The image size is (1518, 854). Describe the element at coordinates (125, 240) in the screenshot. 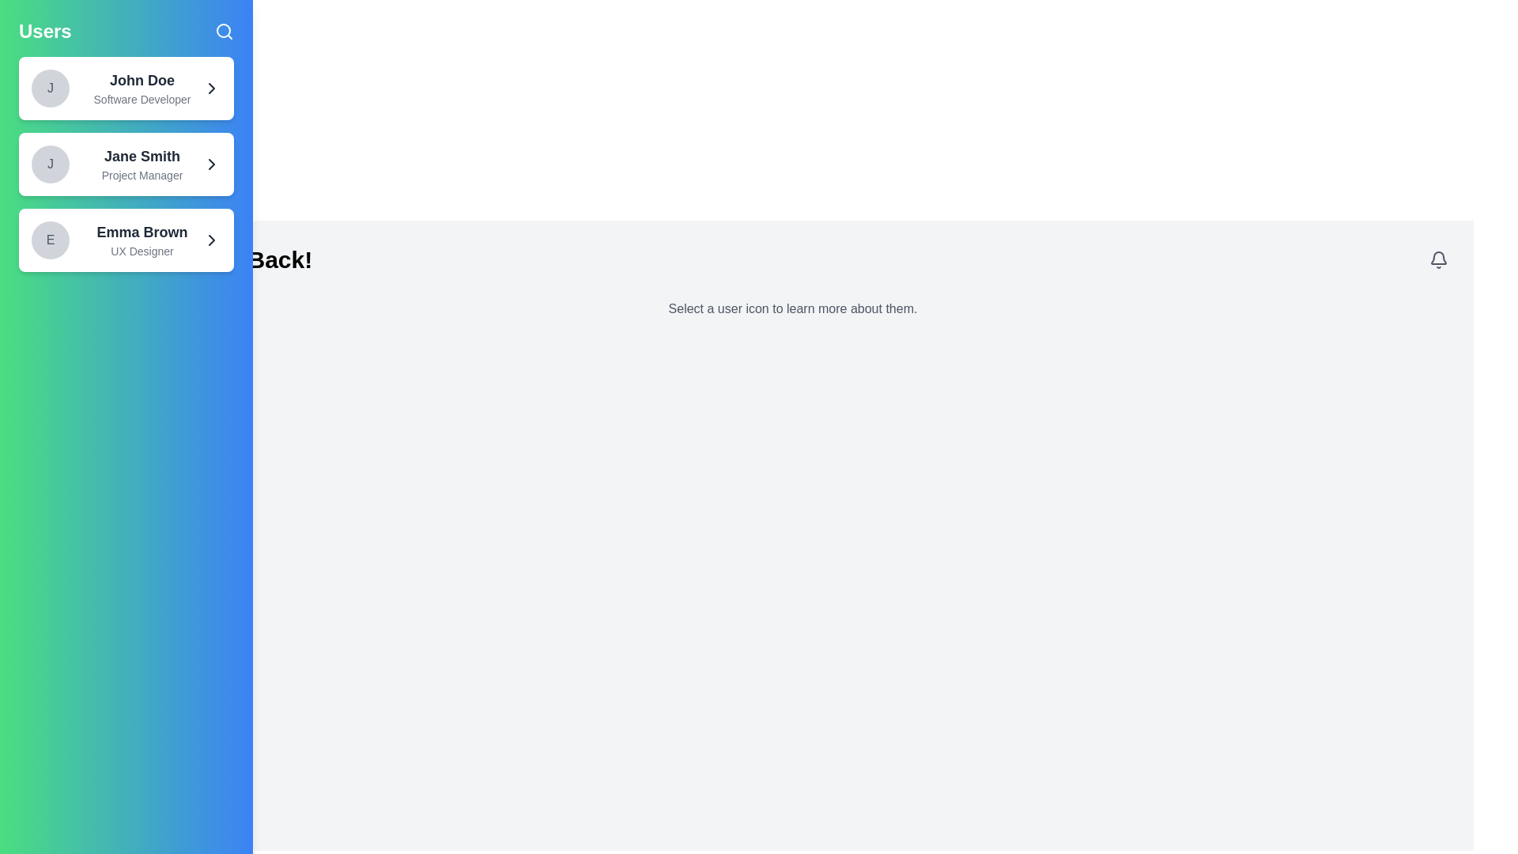

I see `the user profile Emma Brown from the list` at that location.